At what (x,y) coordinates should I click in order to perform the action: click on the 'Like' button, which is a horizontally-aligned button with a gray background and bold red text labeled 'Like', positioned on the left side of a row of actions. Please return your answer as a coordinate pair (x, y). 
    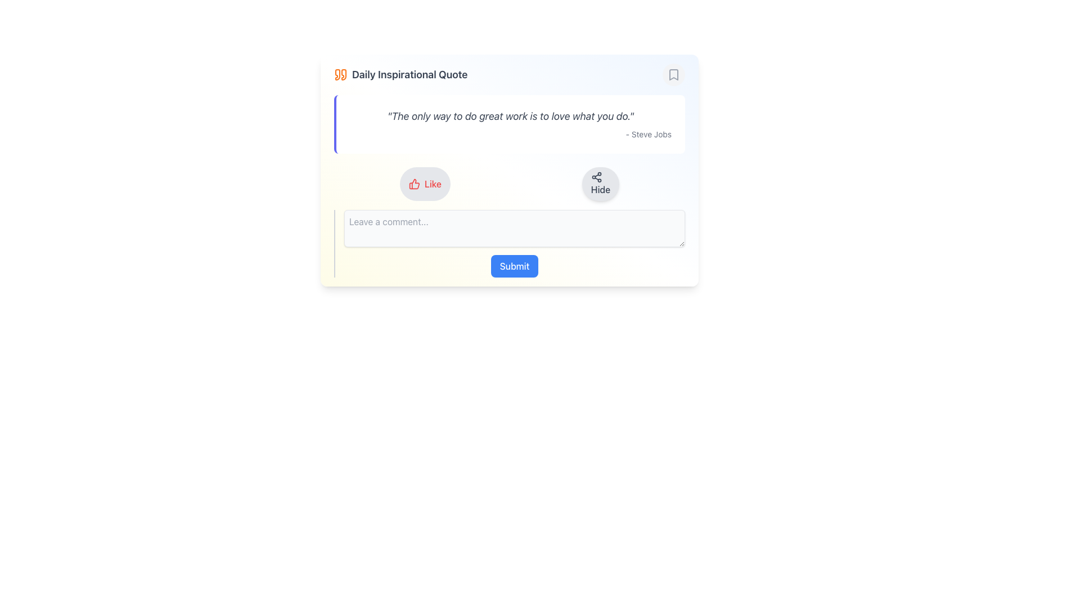
    Looking at the image, I should click on (424, 184).